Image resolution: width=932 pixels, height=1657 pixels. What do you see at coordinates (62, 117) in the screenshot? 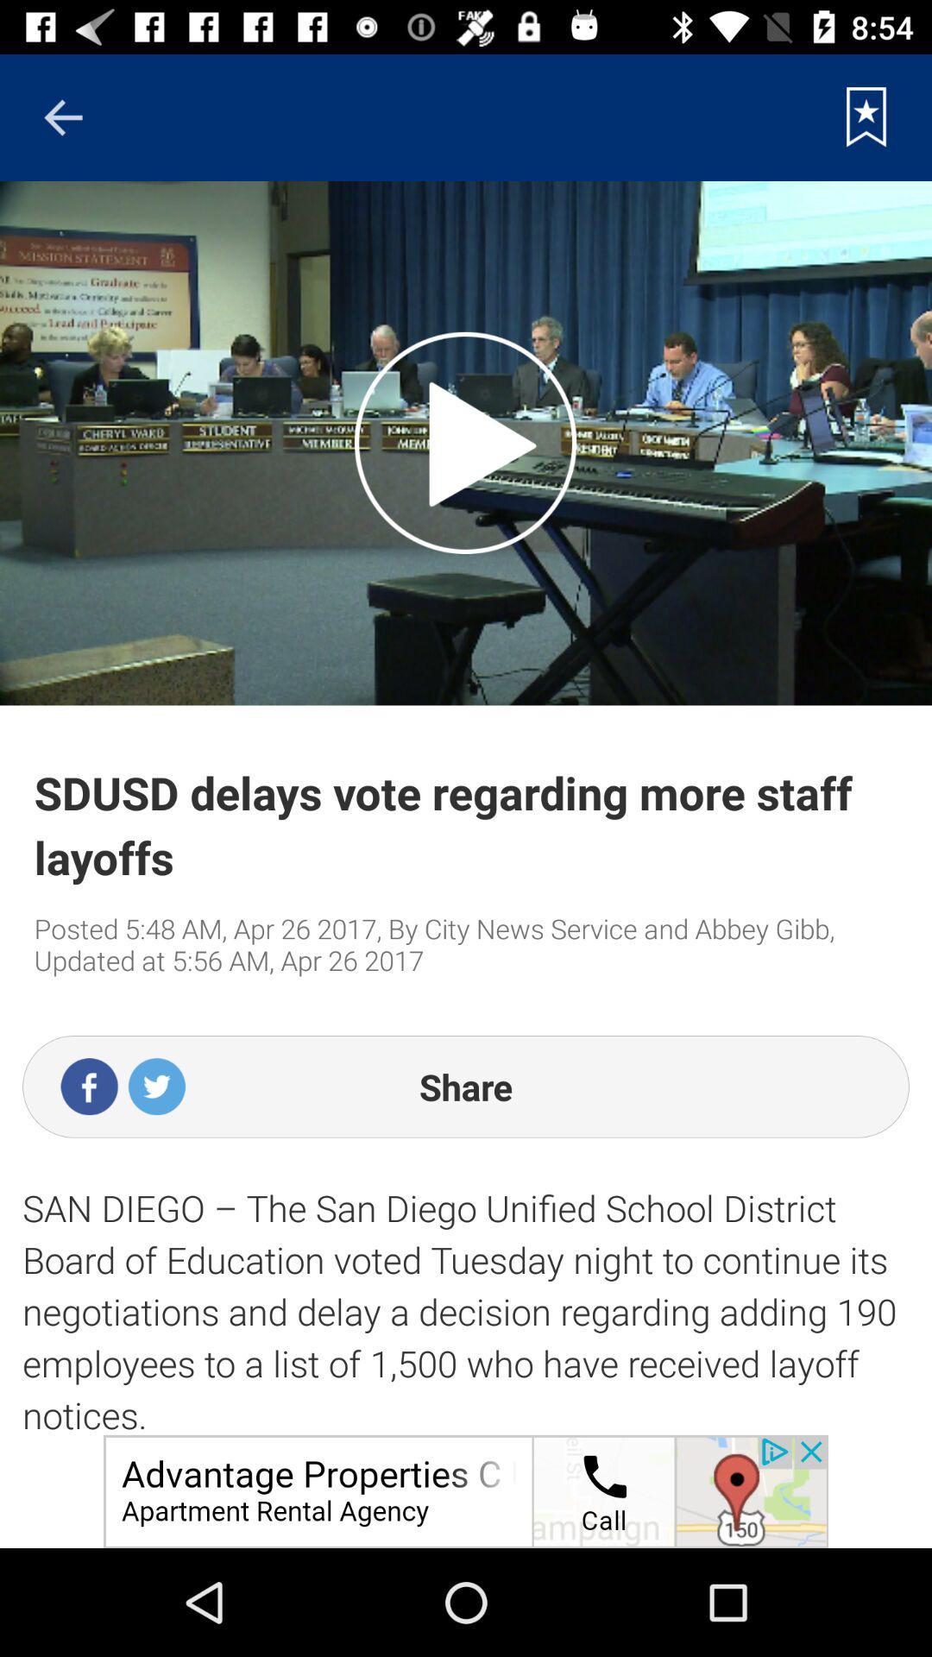
I see `the arrow_backward icon` at bounding box center [62, 117].